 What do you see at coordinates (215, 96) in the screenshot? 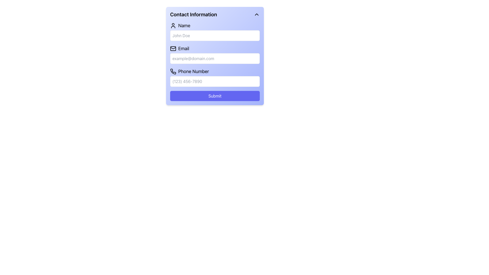
I see `the 'Submit' button, which is a rectangular button with rounded edges, a blue background, and white text` at bounding box center [215, 96].